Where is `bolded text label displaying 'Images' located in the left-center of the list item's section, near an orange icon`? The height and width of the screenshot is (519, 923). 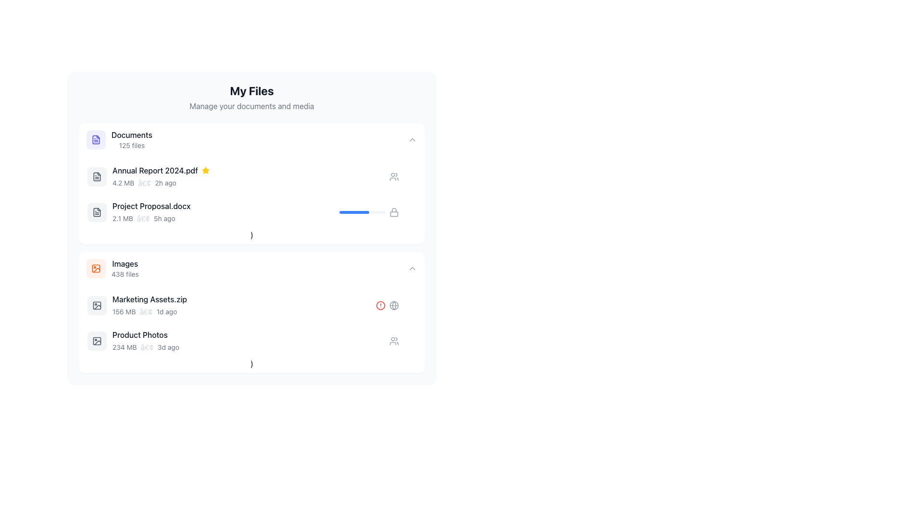
bolded text label displaying 'Images' located in the left-center of the list item's section, near an orange icon is located at coordinates (125, 263).